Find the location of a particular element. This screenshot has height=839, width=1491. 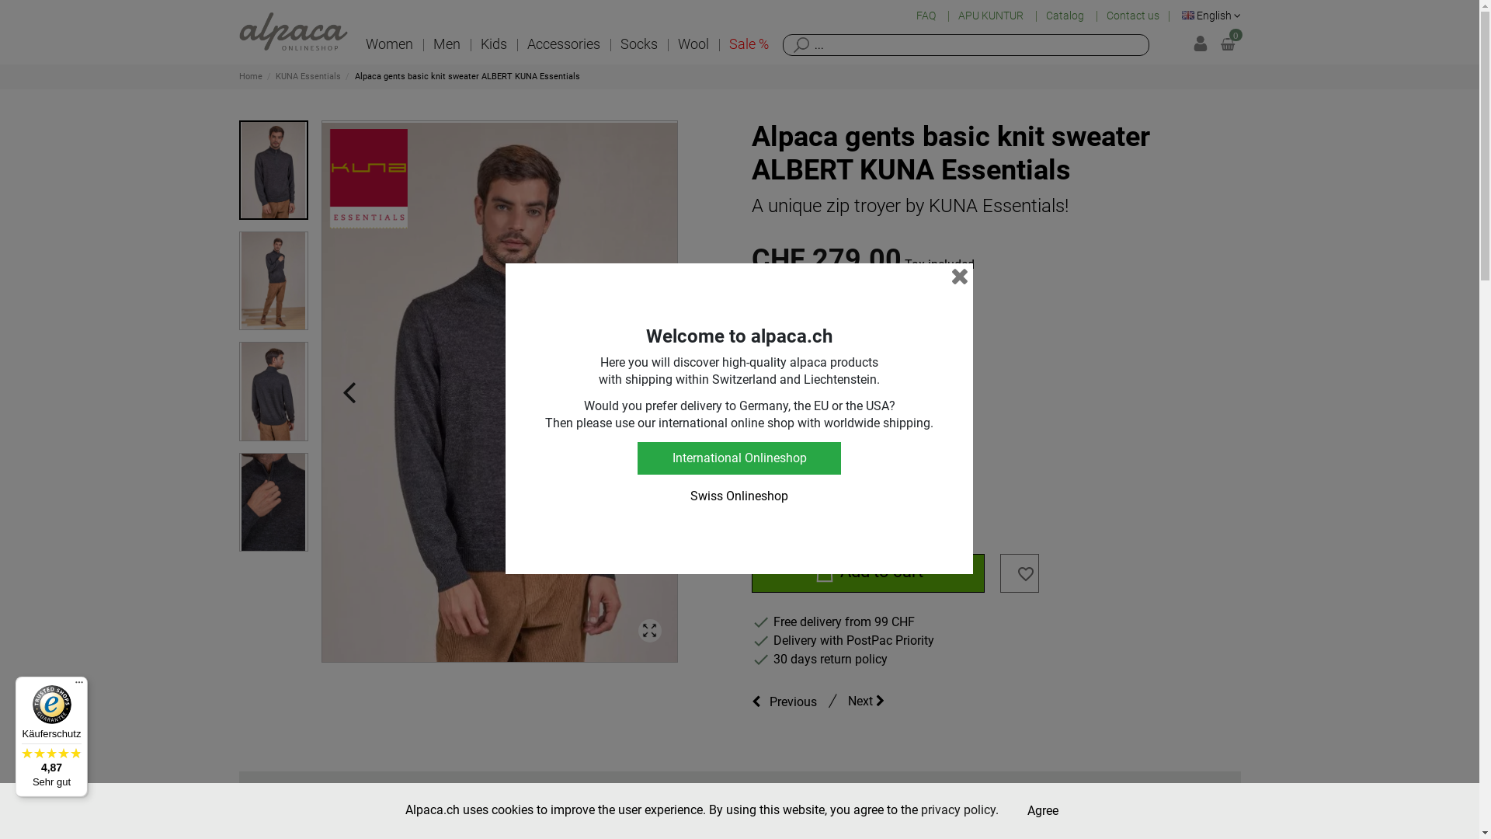

'Log in to your customer account' is located at coordinates (1192, 44).